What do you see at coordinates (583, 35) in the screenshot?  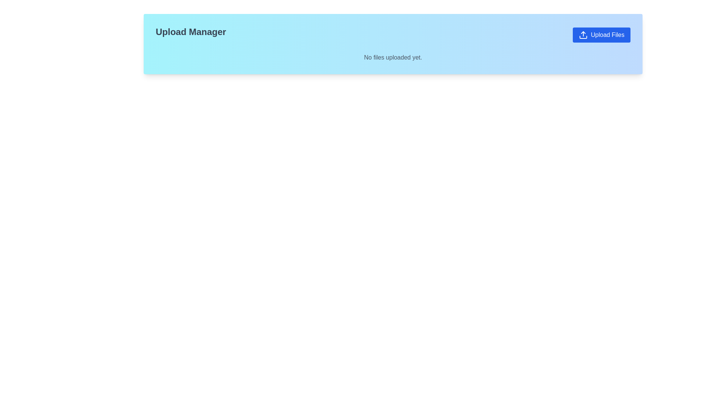 I see `the upload icon` at bounding box center [583, 35].